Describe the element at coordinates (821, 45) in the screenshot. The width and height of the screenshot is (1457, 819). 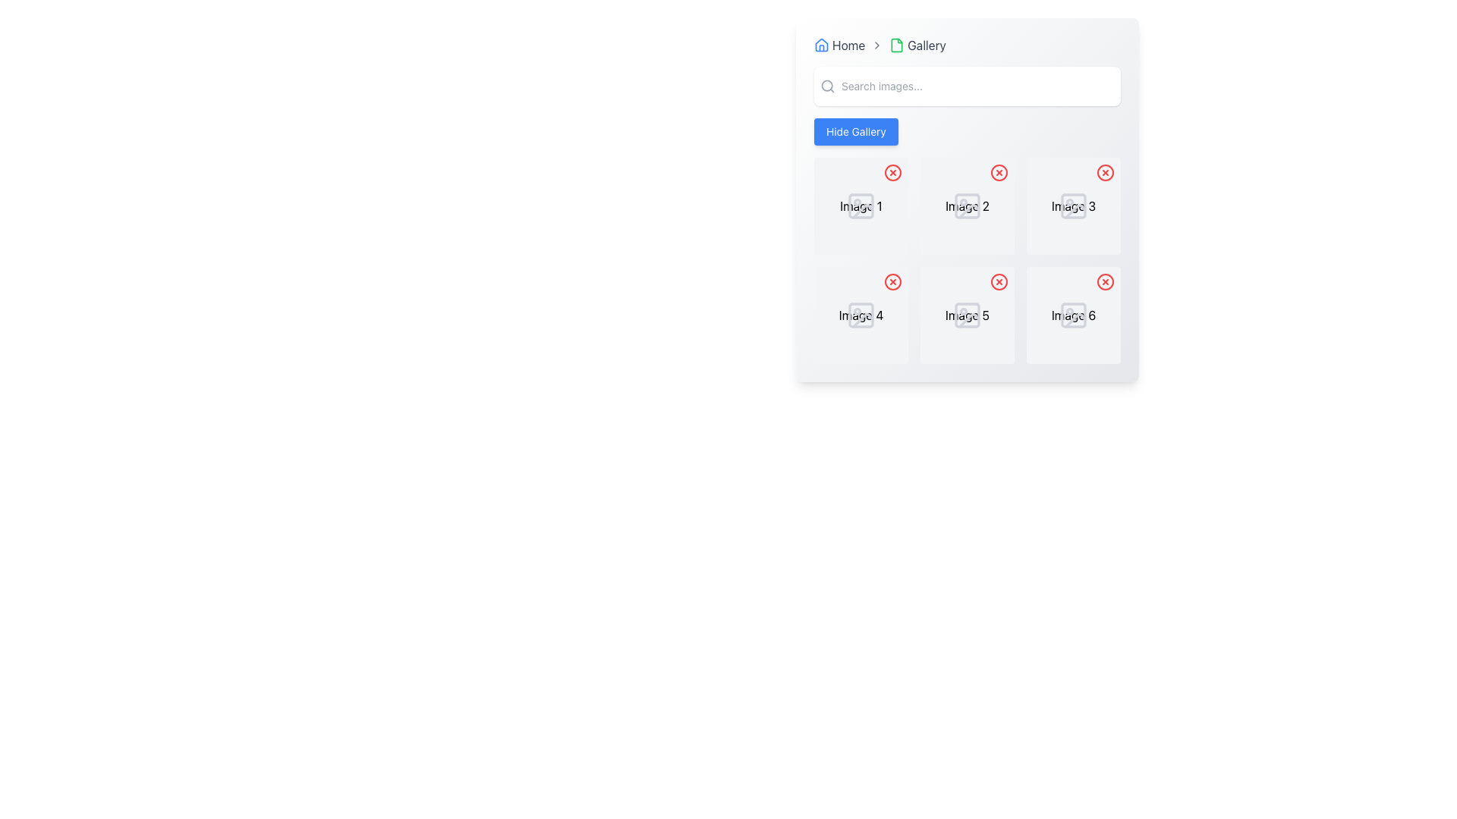
I see `the home icon button located at the far left of the breadcrumb navigation component` at that location.